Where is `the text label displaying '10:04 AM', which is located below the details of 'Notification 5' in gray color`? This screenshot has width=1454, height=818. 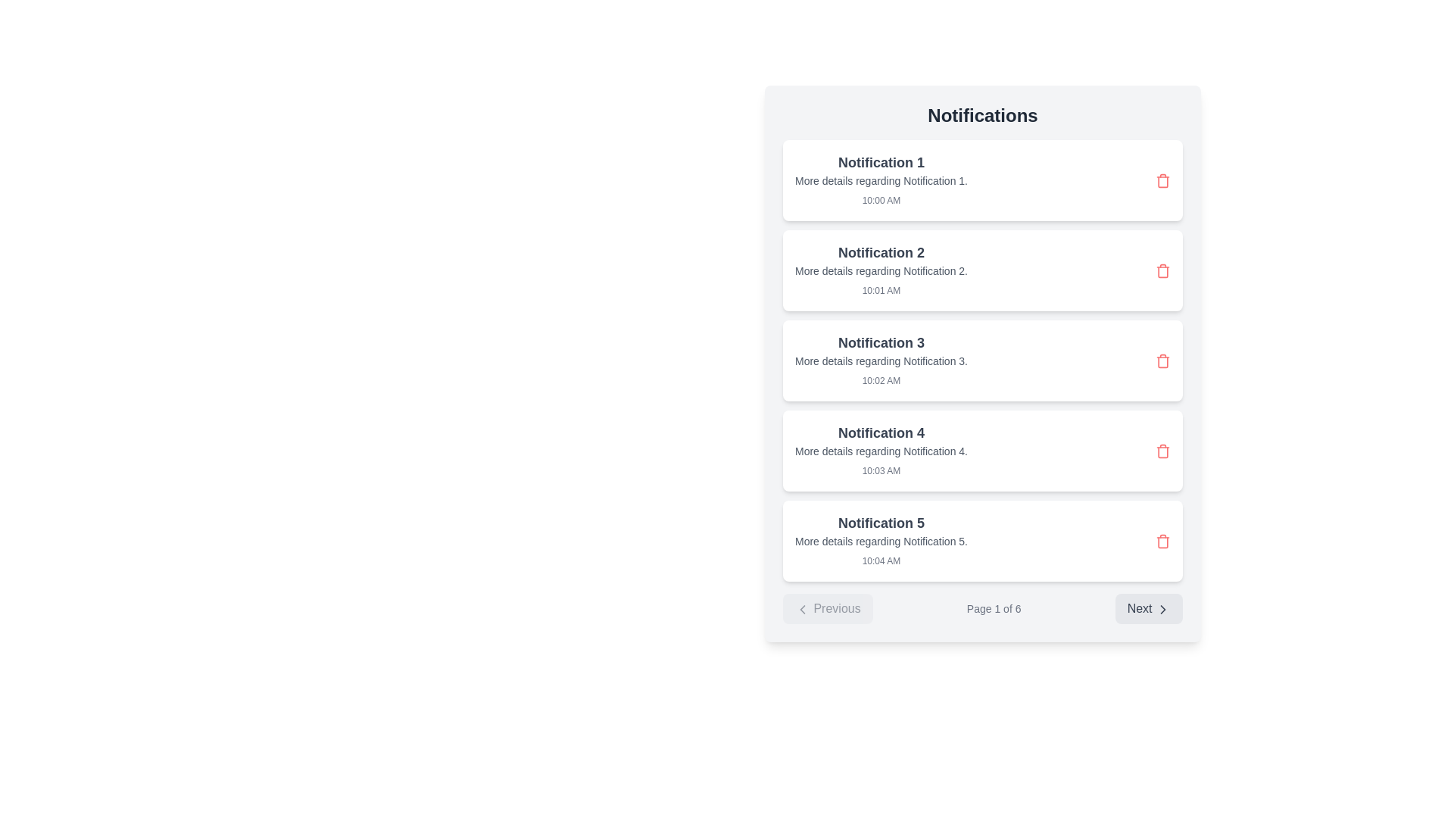 the text label displaying '10:04 AM', which is located below the details of 'Notification 5' in gray color is located at coordinates (881, 560).